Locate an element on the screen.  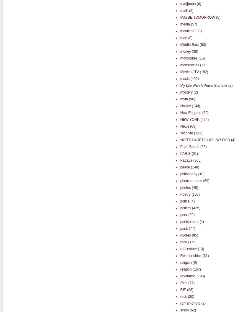
'(167)' is located at coordinates (191, 268).